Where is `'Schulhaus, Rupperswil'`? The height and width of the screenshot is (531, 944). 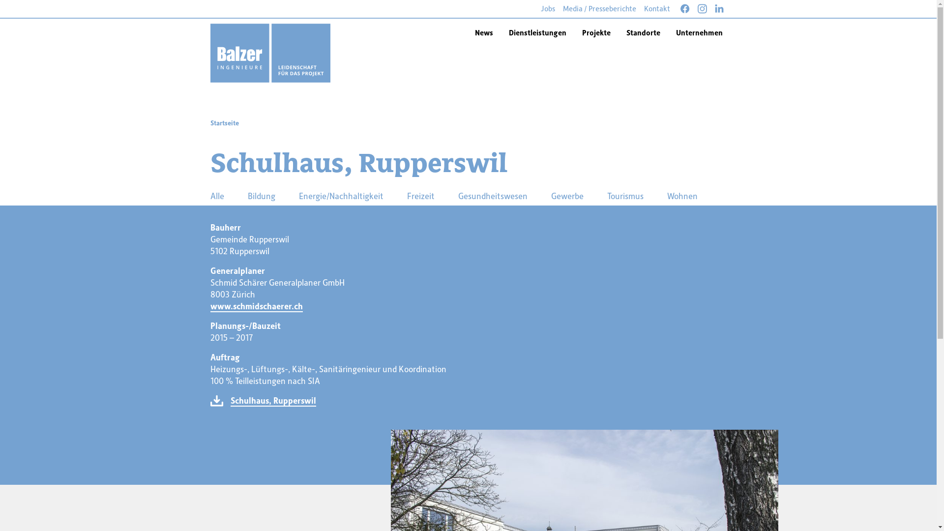 'Schulhaus, Rupperswil' is located at coordinates (273, 400).